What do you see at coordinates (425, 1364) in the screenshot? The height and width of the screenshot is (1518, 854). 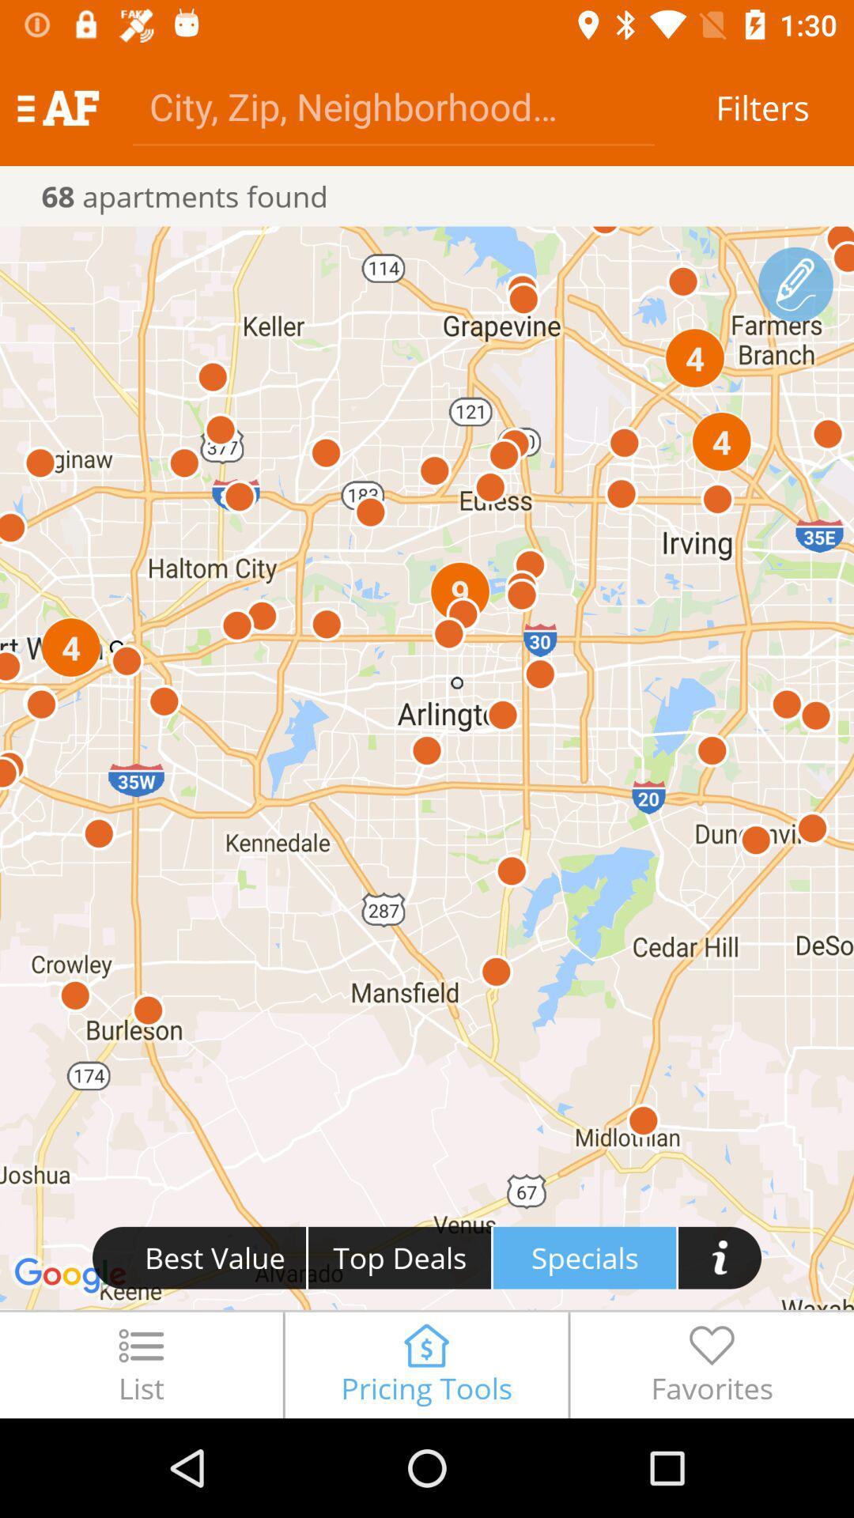 I see `the item to the right of the list item` at bounding box center [425, 1364].